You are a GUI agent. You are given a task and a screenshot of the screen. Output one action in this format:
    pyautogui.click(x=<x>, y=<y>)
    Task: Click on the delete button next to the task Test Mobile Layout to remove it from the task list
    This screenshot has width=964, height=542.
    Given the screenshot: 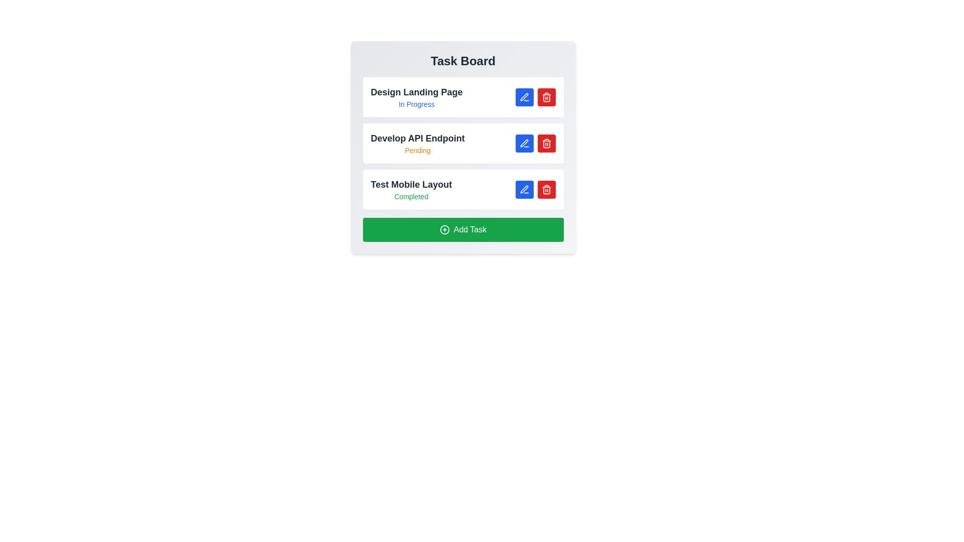 What is the action you would take?
    pyautogui.click(x=546, y=190)
    